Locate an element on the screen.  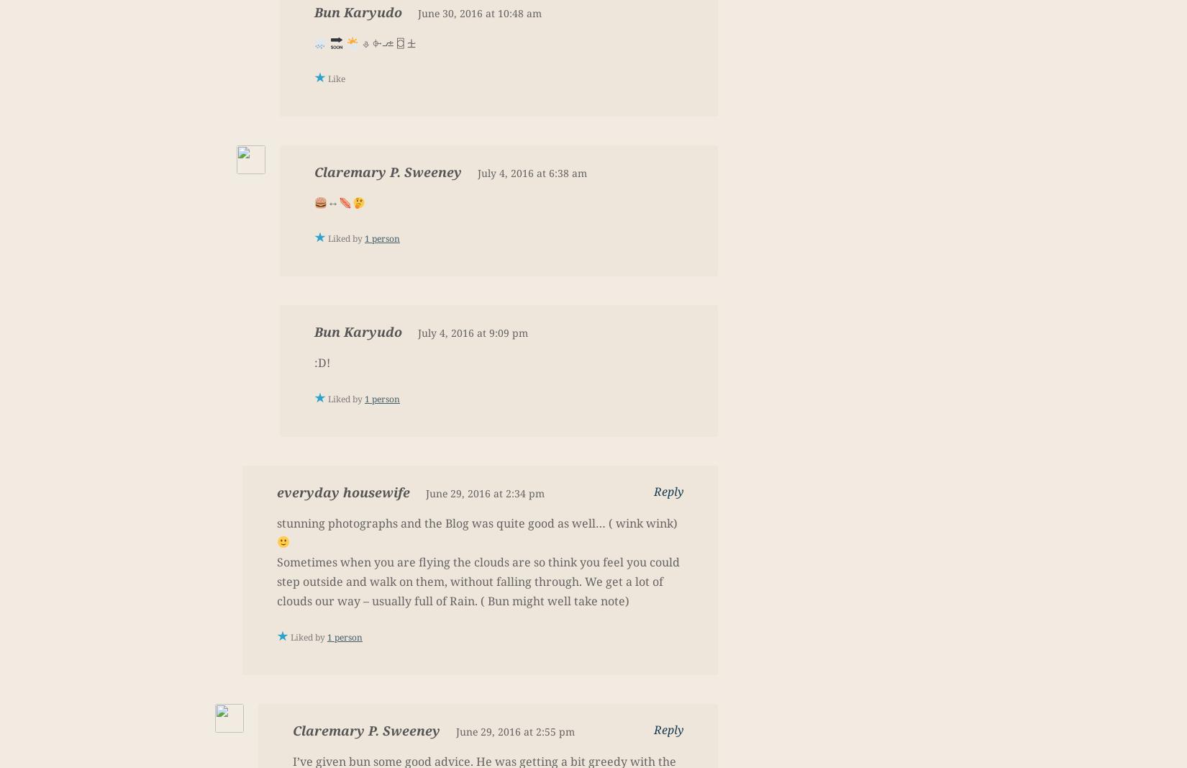
'June 29, 2016 at 2:55 pm' is located at coordinates (514, 731).